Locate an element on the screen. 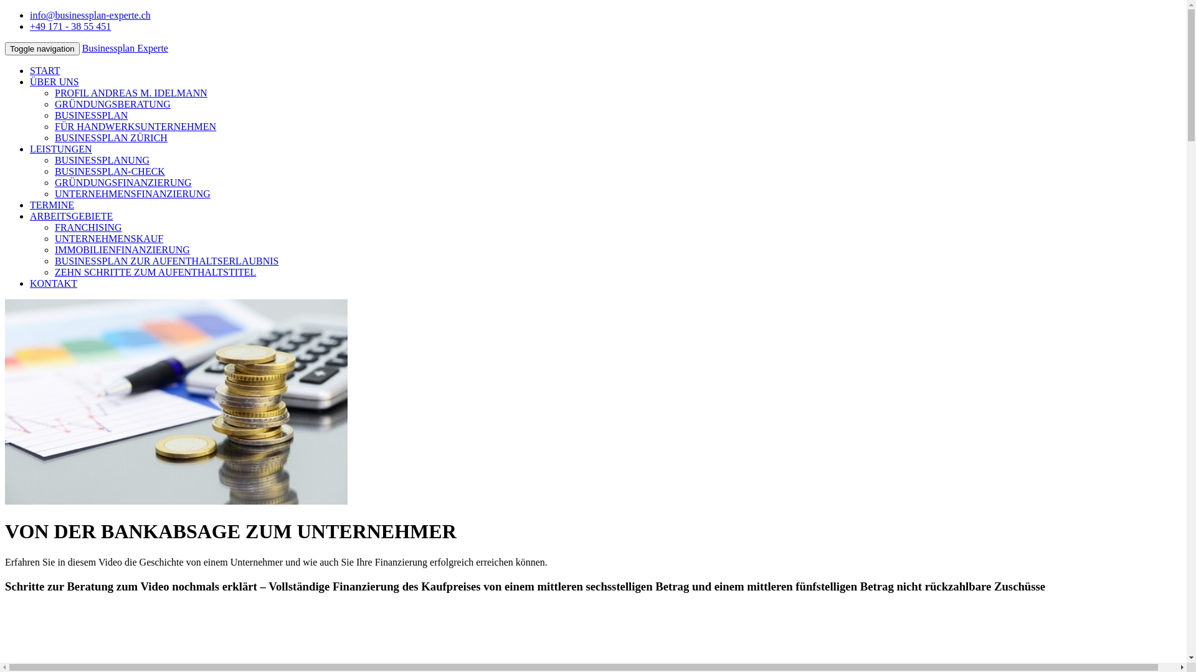 The height and width of the screenshot is (672, 1196). 'BUSINESSPLAN' is located at coordinates (90, 115).